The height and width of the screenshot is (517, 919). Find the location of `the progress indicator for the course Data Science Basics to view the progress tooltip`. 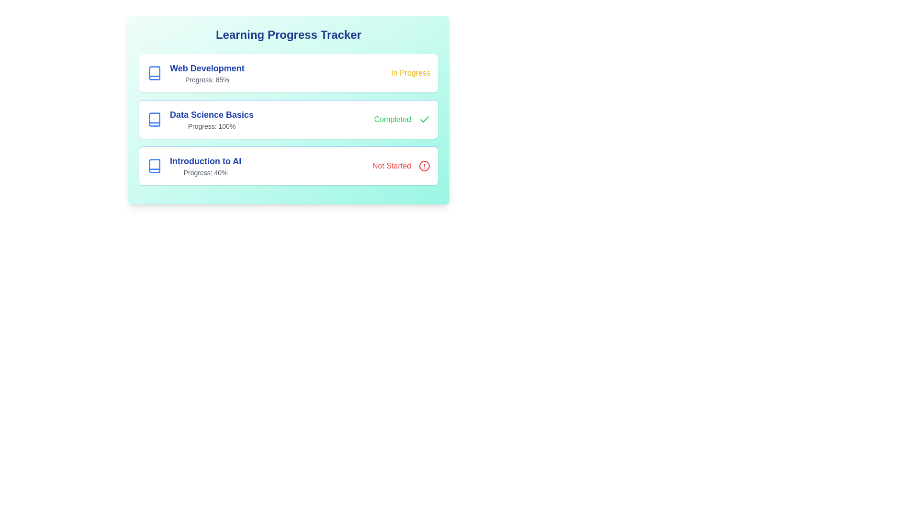

the progress indicator for the course Data Science Basics to view the progress tooltip is located at coordinates (199, 119).